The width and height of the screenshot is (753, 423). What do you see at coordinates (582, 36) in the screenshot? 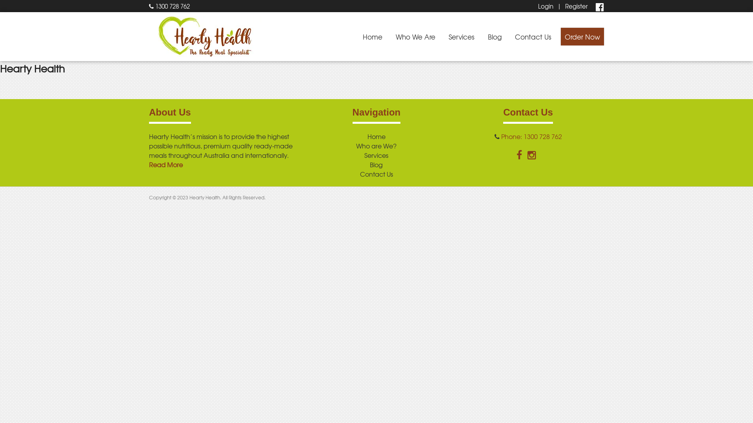
I see `'Order Now'` at bounding box center [582, 36].